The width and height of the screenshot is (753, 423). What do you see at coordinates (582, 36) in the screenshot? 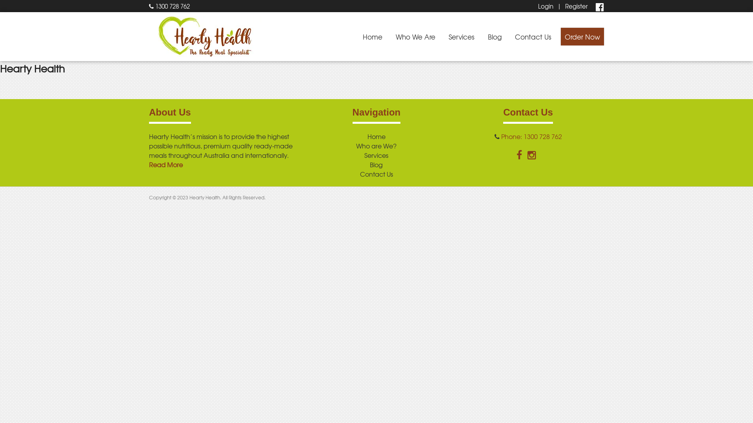
I see `'Order Now'` at bounding box center [582, 36].